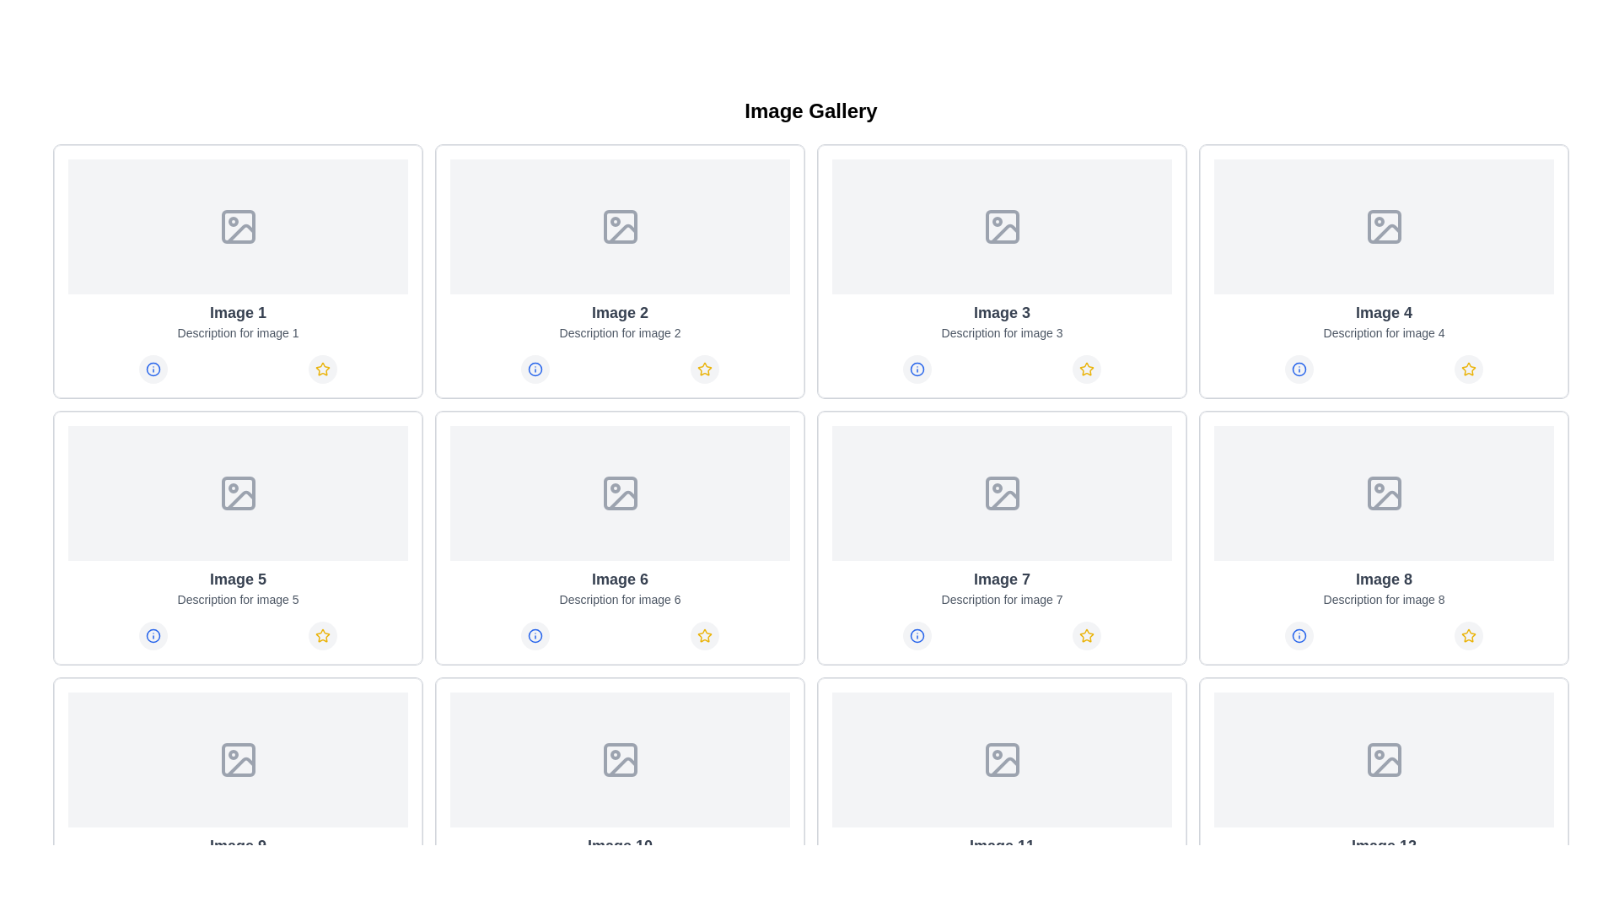 The width and height of the screenshot is (1619, 911). I want to click on the text label displaying 'Image 12', which is bold and located in the last row of the grid layout, specifically below the image placeholder of 'Image 12', so click(1384, 845).